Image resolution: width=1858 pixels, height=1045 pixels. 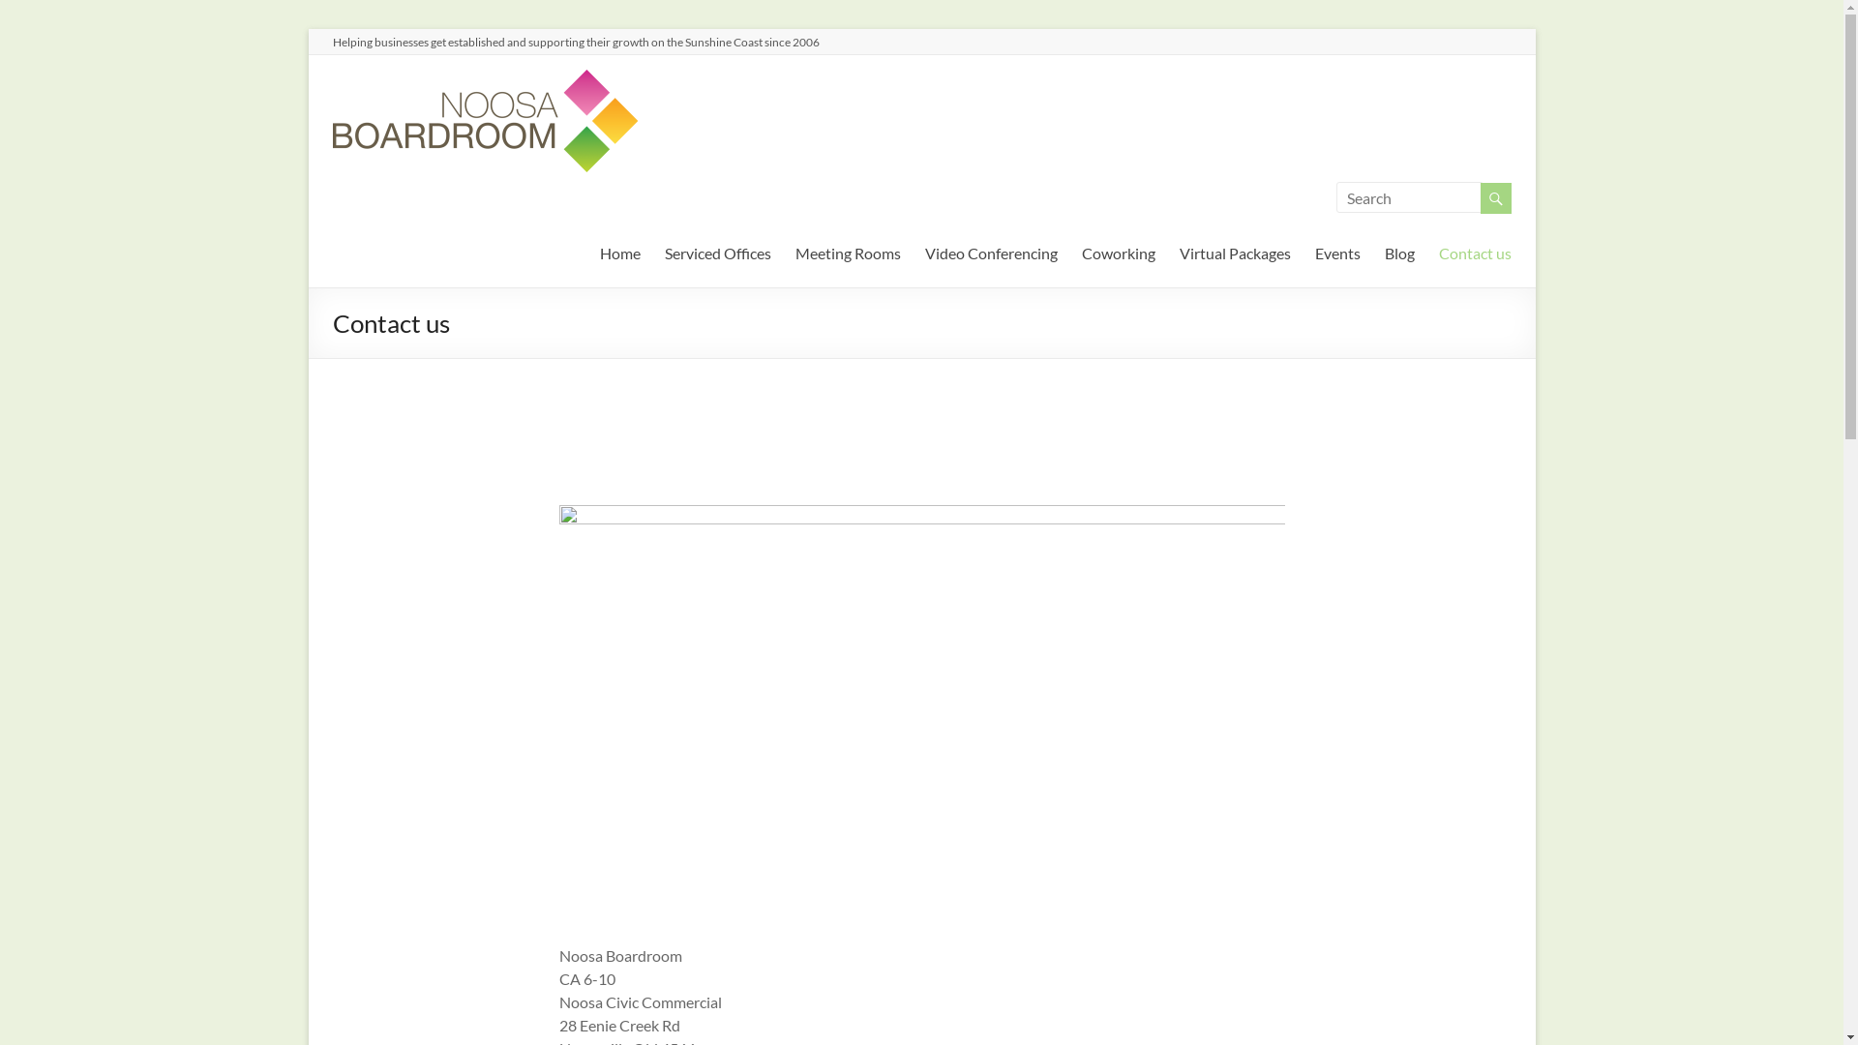 I want to click on 'Blog', so click(x=1398, y=249).